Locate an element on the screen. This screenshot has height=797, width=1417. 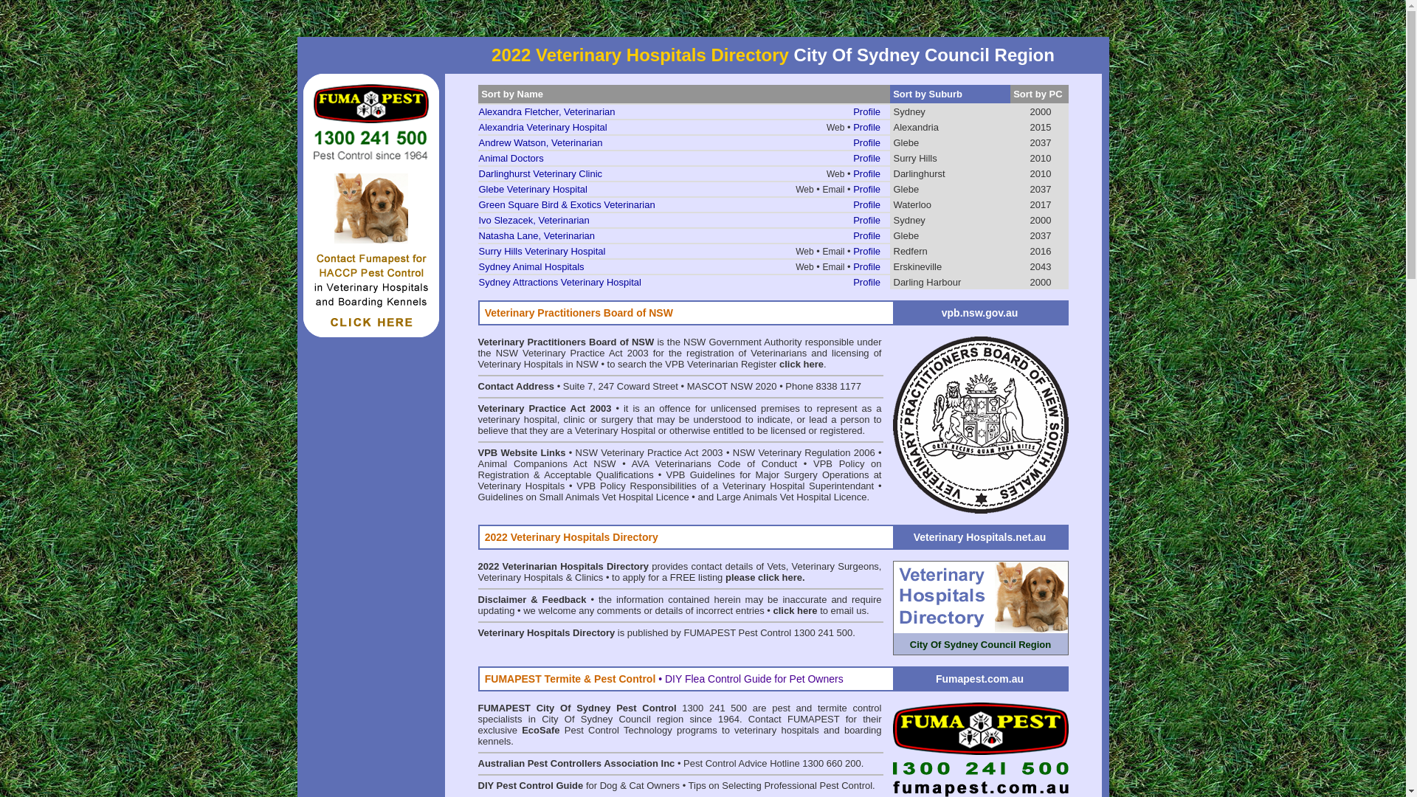
'Large Animals Vet Hospital Licence' is located at coordinates (791, 497).